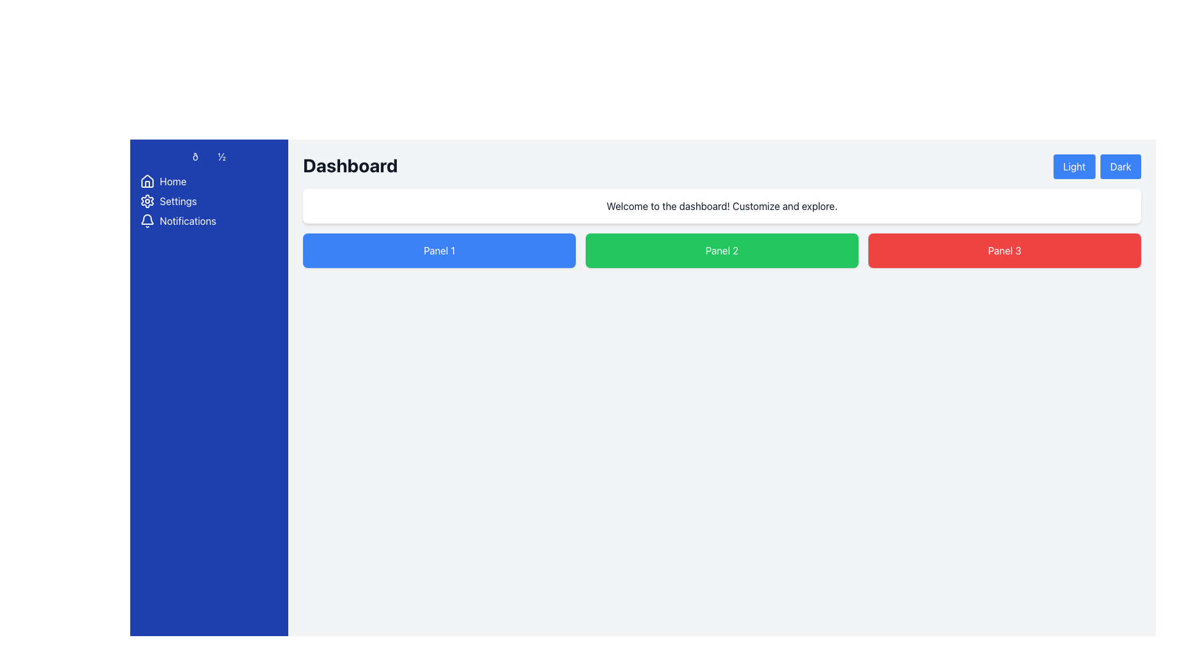  What do you see at coordinates (177, 201) in the screenshot?
I see `the 'Settings' text label in the vertical menu` at bounding box center [177, 201].